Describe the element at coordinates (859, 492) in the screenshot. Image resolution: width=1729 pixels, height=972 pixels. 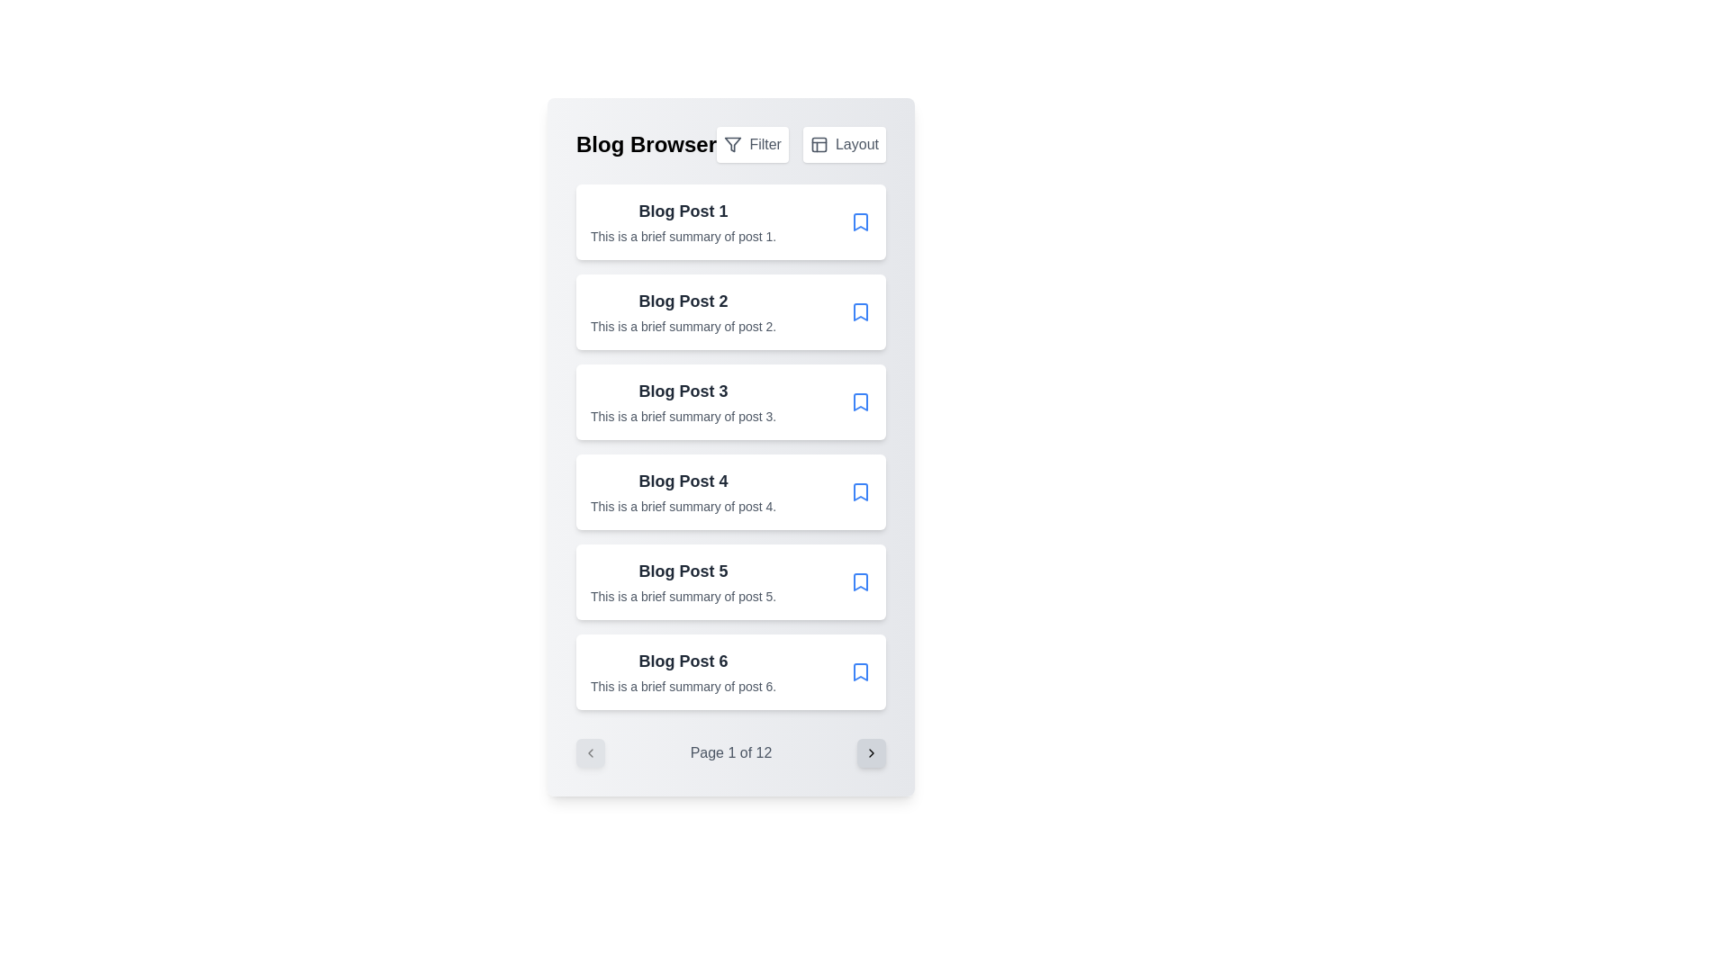
I see `the blue bookmark icon located at the top-right corner of the 'Blog Post 4' card` at that location.